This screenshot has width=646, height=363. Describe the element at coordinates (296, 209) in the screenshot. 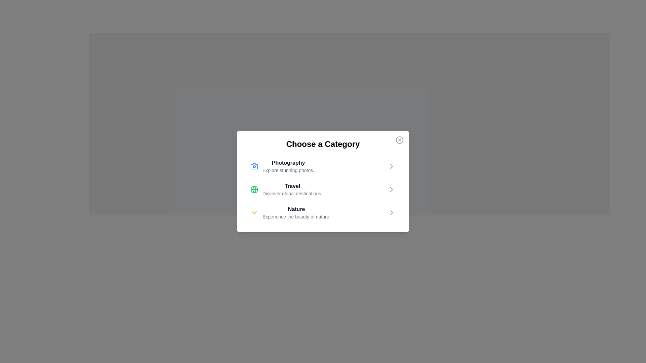

I see `the content of the 'Nature' category title text label located in the central pop-up box labeled 'Choose a Category'. This is the primary text of the third option, visually distinguishing this category` at that location.